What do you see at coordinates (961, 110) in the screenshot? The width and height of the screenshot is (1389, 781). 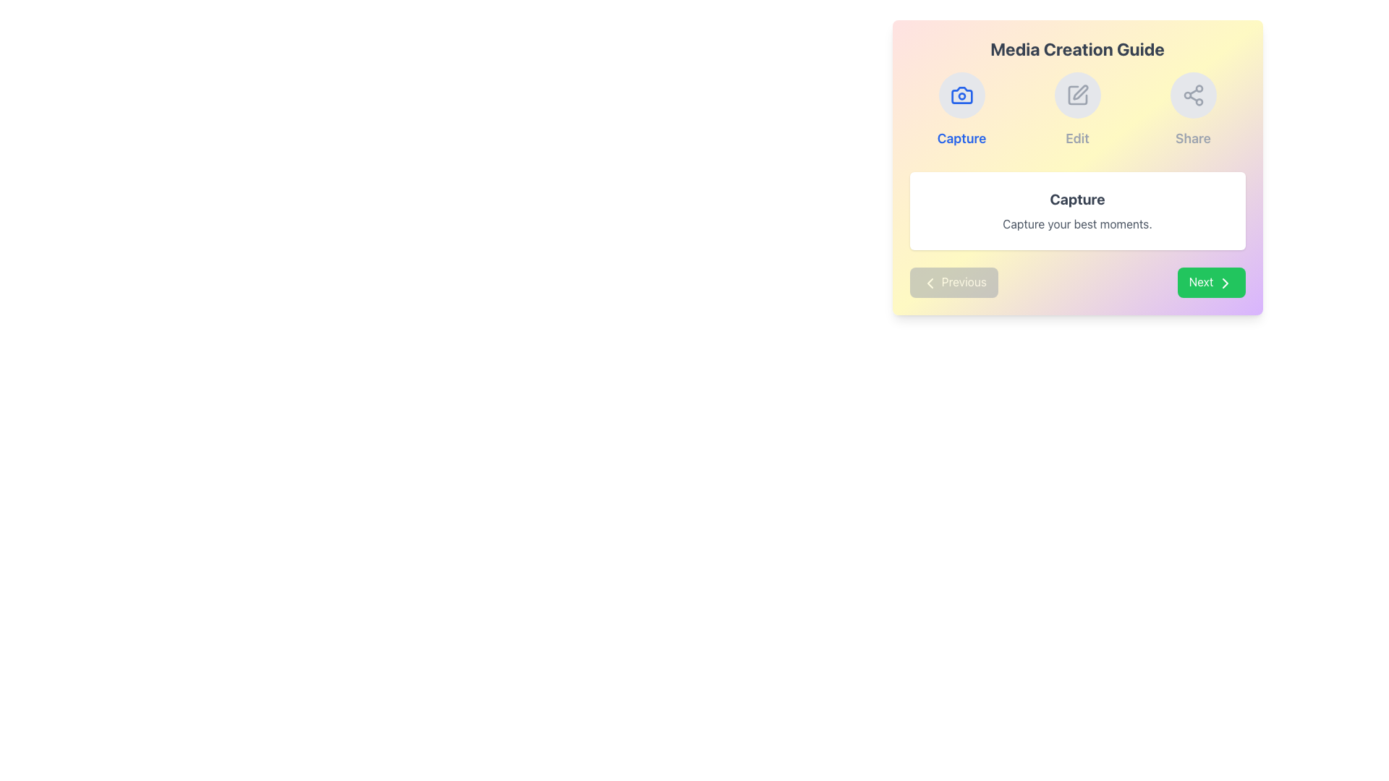 I see `the 'Capture' button located in the top-left of the three-column grid within the 'Media Creation Guide' section` at bounding box center [961, 110].